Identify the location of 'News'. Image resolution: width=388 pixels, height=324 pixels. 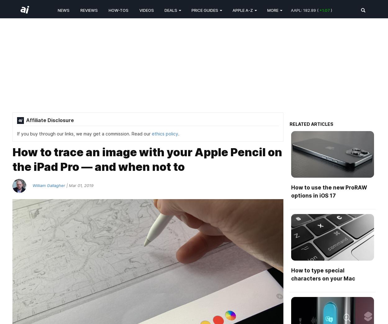
(63, 10).